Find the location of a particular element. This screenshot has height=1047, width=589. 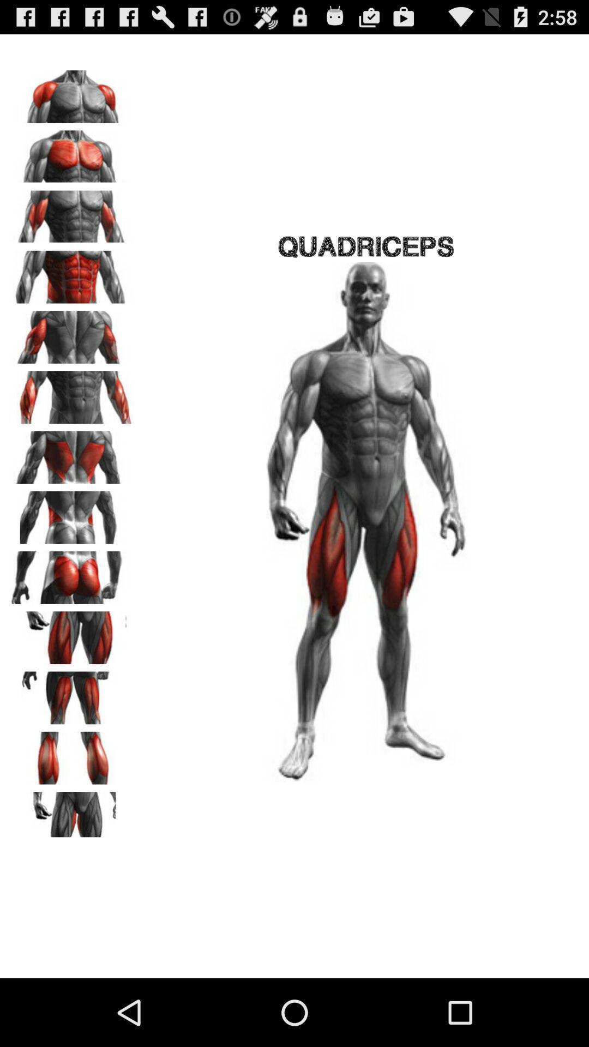

front side of the body is located at coordinates (71, 93).